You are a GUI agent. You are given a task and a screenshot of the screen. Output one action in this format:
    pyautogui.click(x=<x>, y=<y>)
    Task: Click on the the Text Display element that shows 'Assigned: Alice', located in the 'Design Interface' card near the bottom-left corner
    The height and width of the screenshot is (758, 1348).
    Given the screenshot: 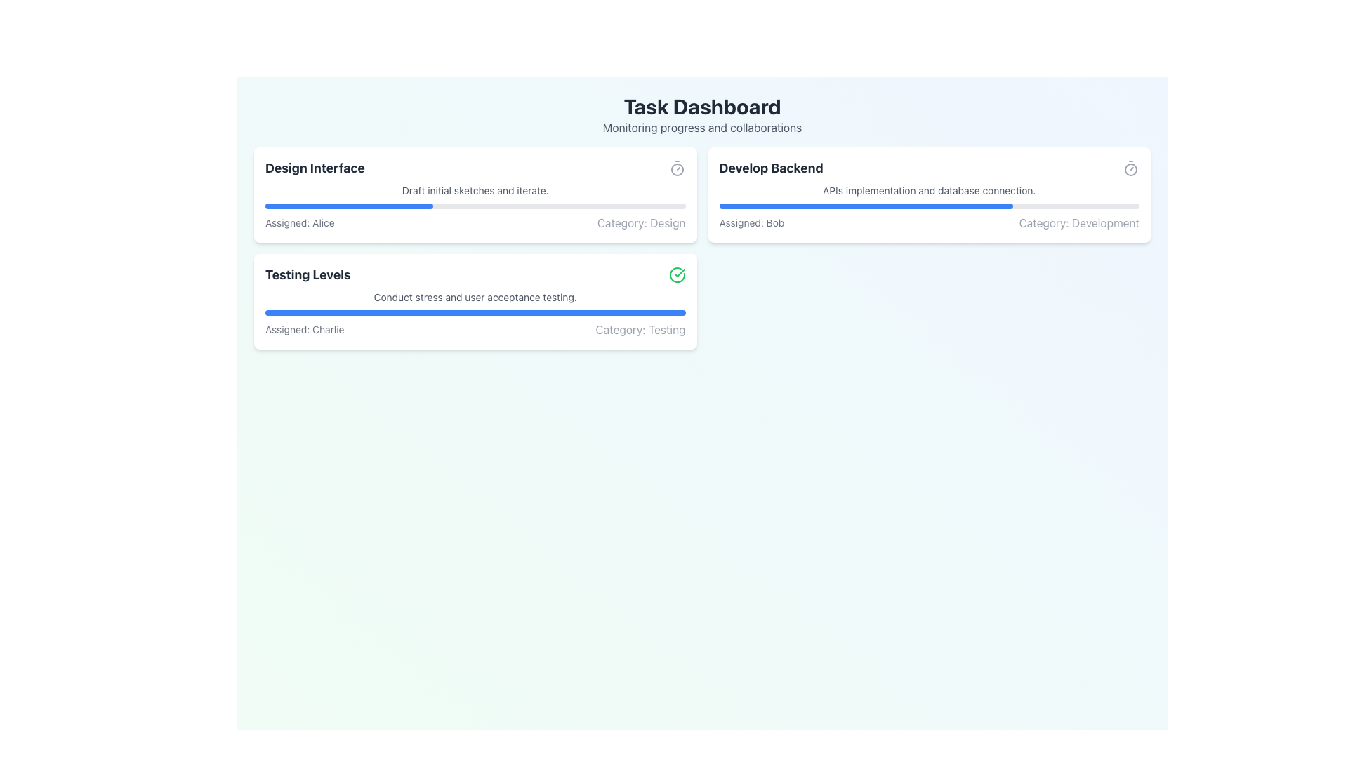 What is the action you would take?
    pyautogui.click(x=299, y=222)
    